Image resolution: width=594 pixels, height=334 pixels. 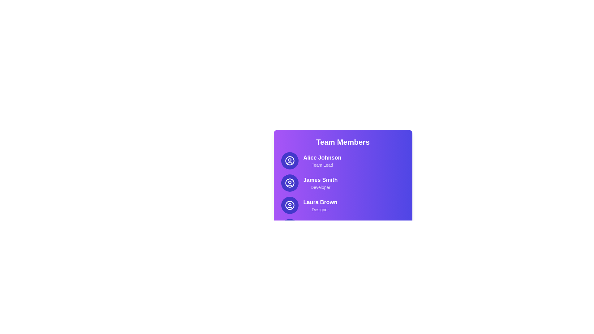 I want to click on the circular shape that visually represents the user profile icon for 'James Smith', the second entry in the list, so click(x=289, y=182).